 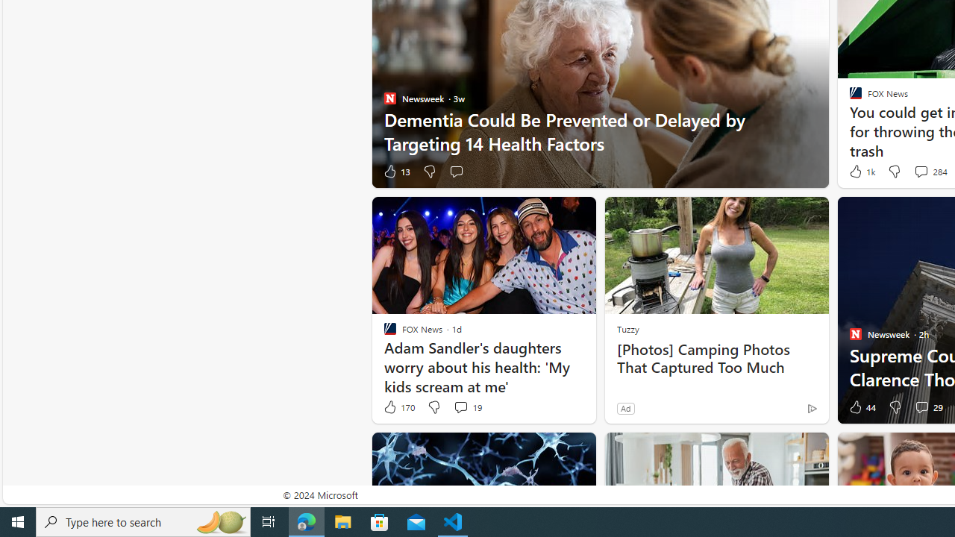 I want to click on '13 Like', so click(x=396, y=171).